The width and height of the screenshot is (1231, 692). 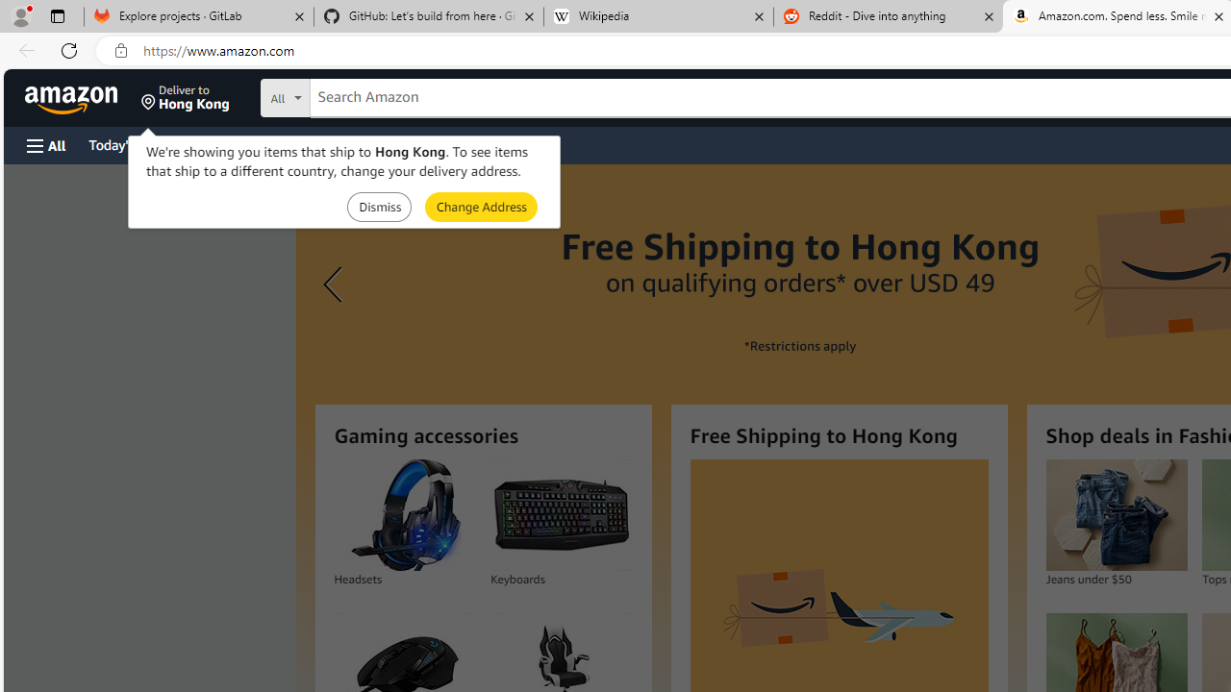 What do you see at coordinates (128, 143) in the screenshot?
I see `'Today'` at bounding box center [128, 143].